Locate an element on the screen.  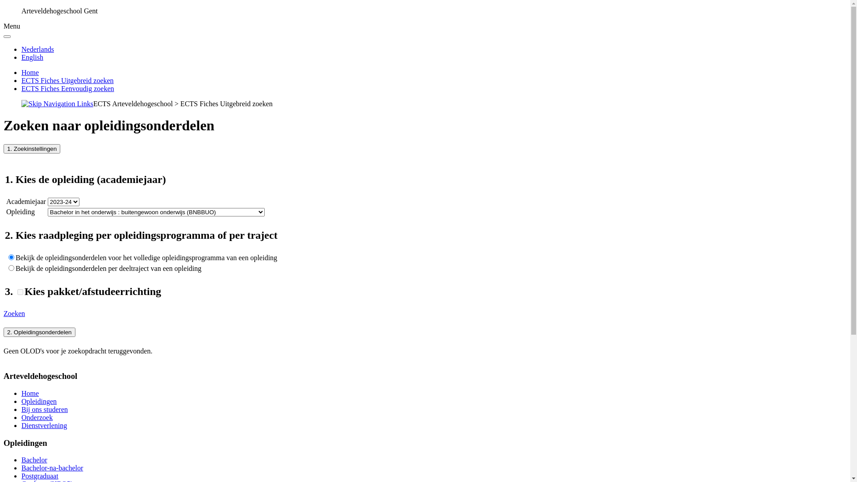
'Home' is located at coordinates (30, 72).